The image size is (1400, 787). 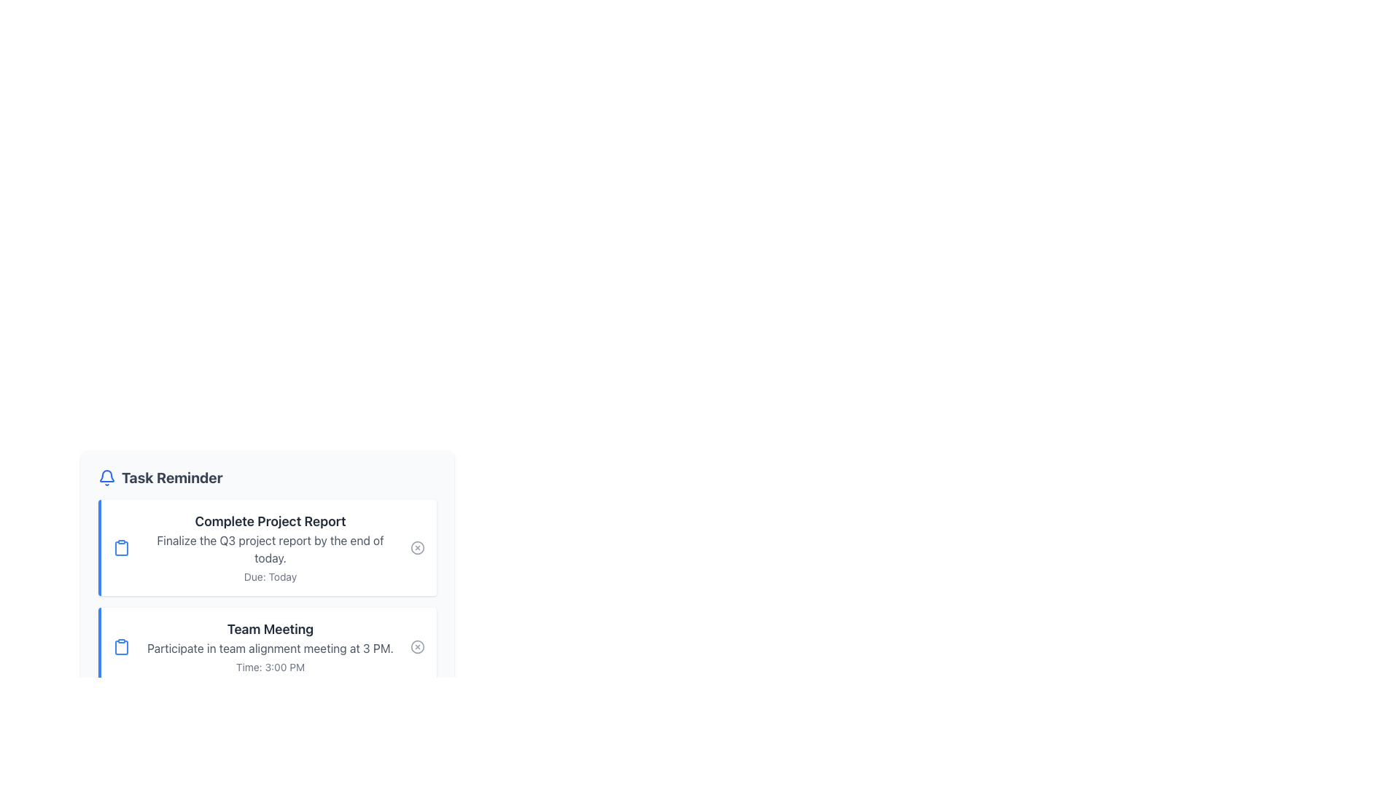 I want to click on the small circular button with an 'X' icon inside, located on the far right side of the 'Team Meeting' section to change its appearance, so click(x=416, y=646).